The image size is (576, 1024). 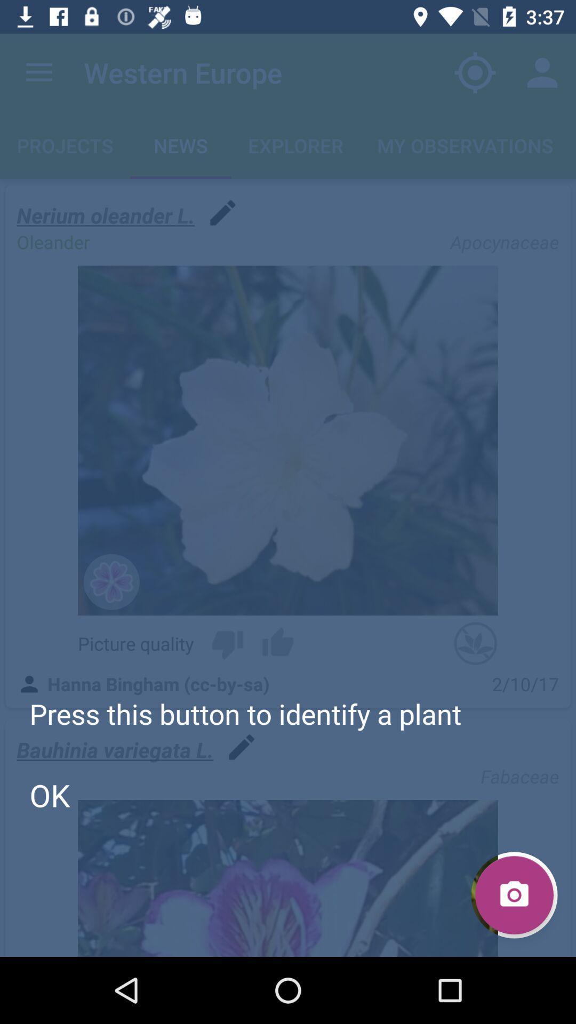 I want to click on the app to the left of western europe item, so click(x=38, y=72).